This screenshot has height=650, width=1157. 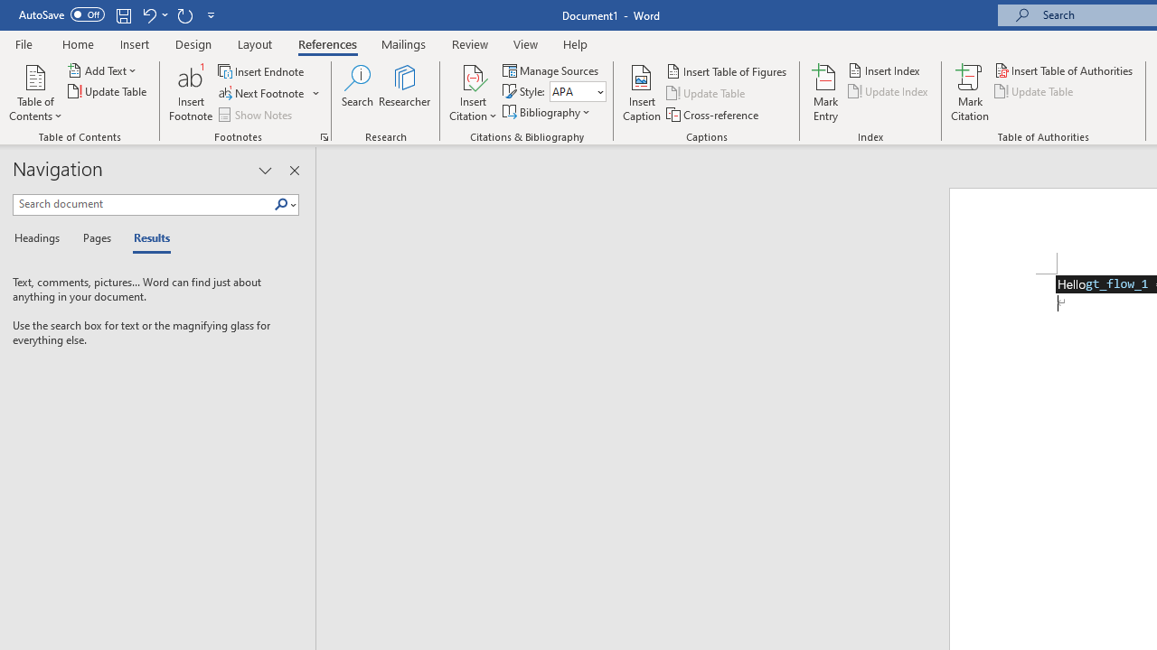 I want to click on 'Insert Caption...', so click(x=642, y=93).